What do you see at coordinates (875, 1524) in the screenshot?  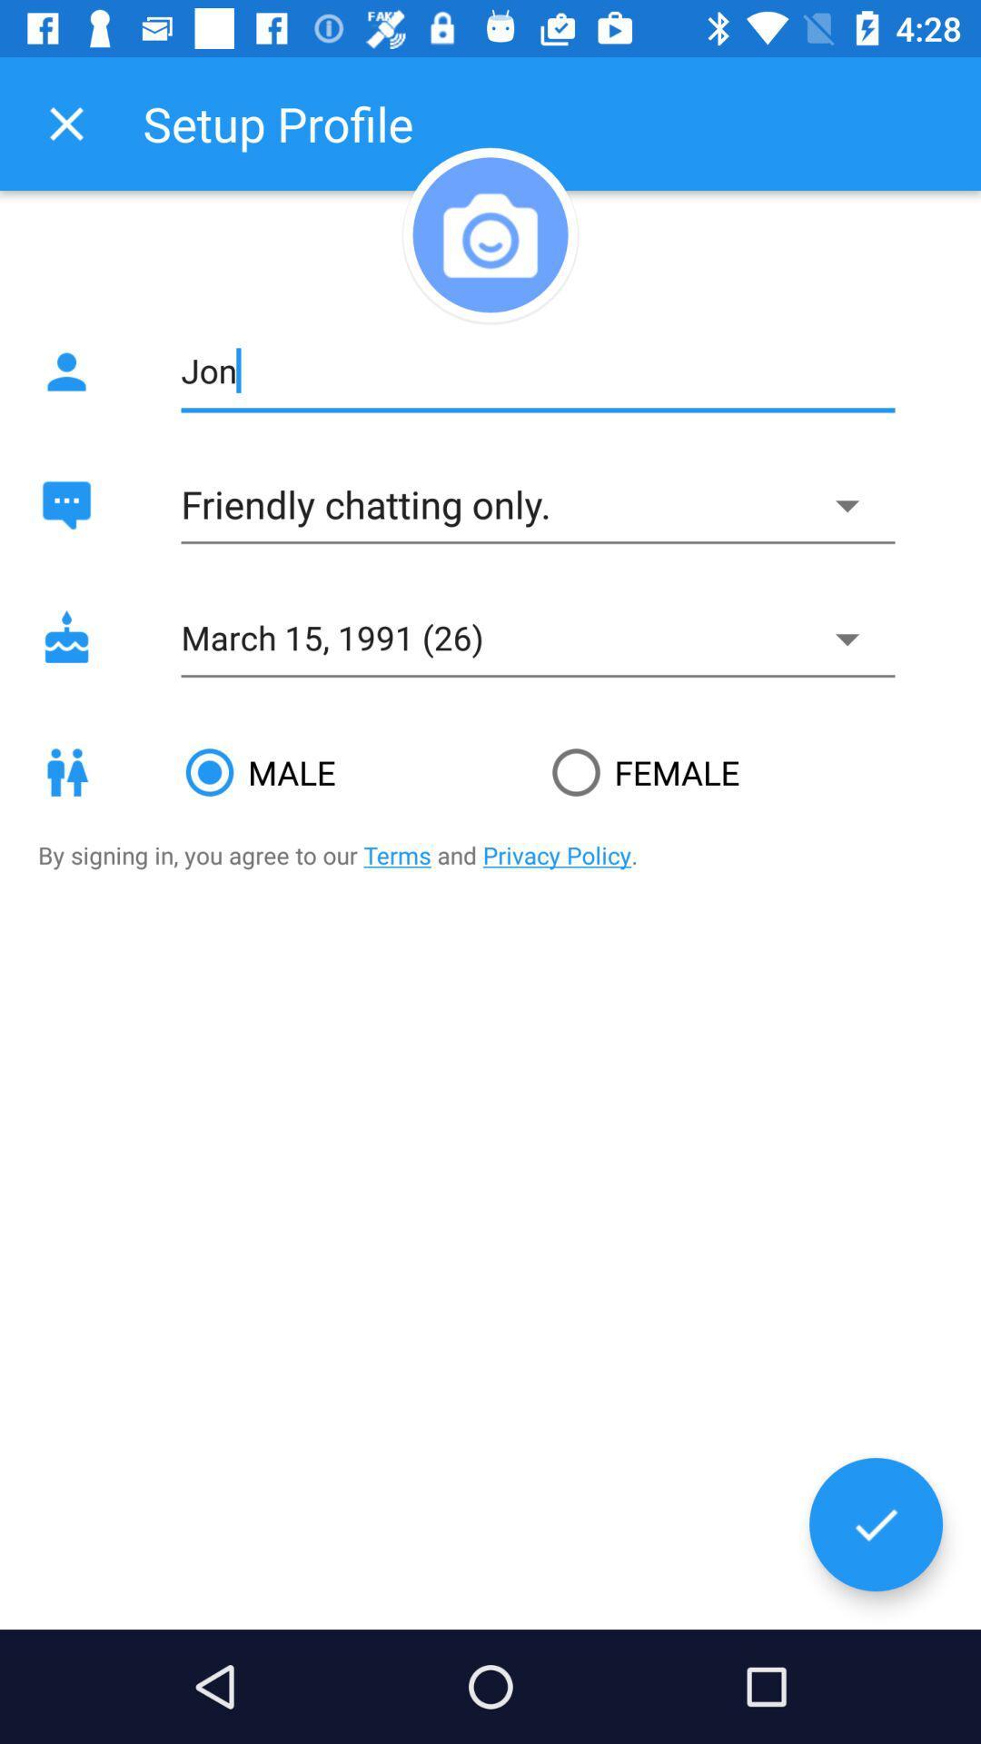 I see `click okay` at bounding box center [875, 1524].